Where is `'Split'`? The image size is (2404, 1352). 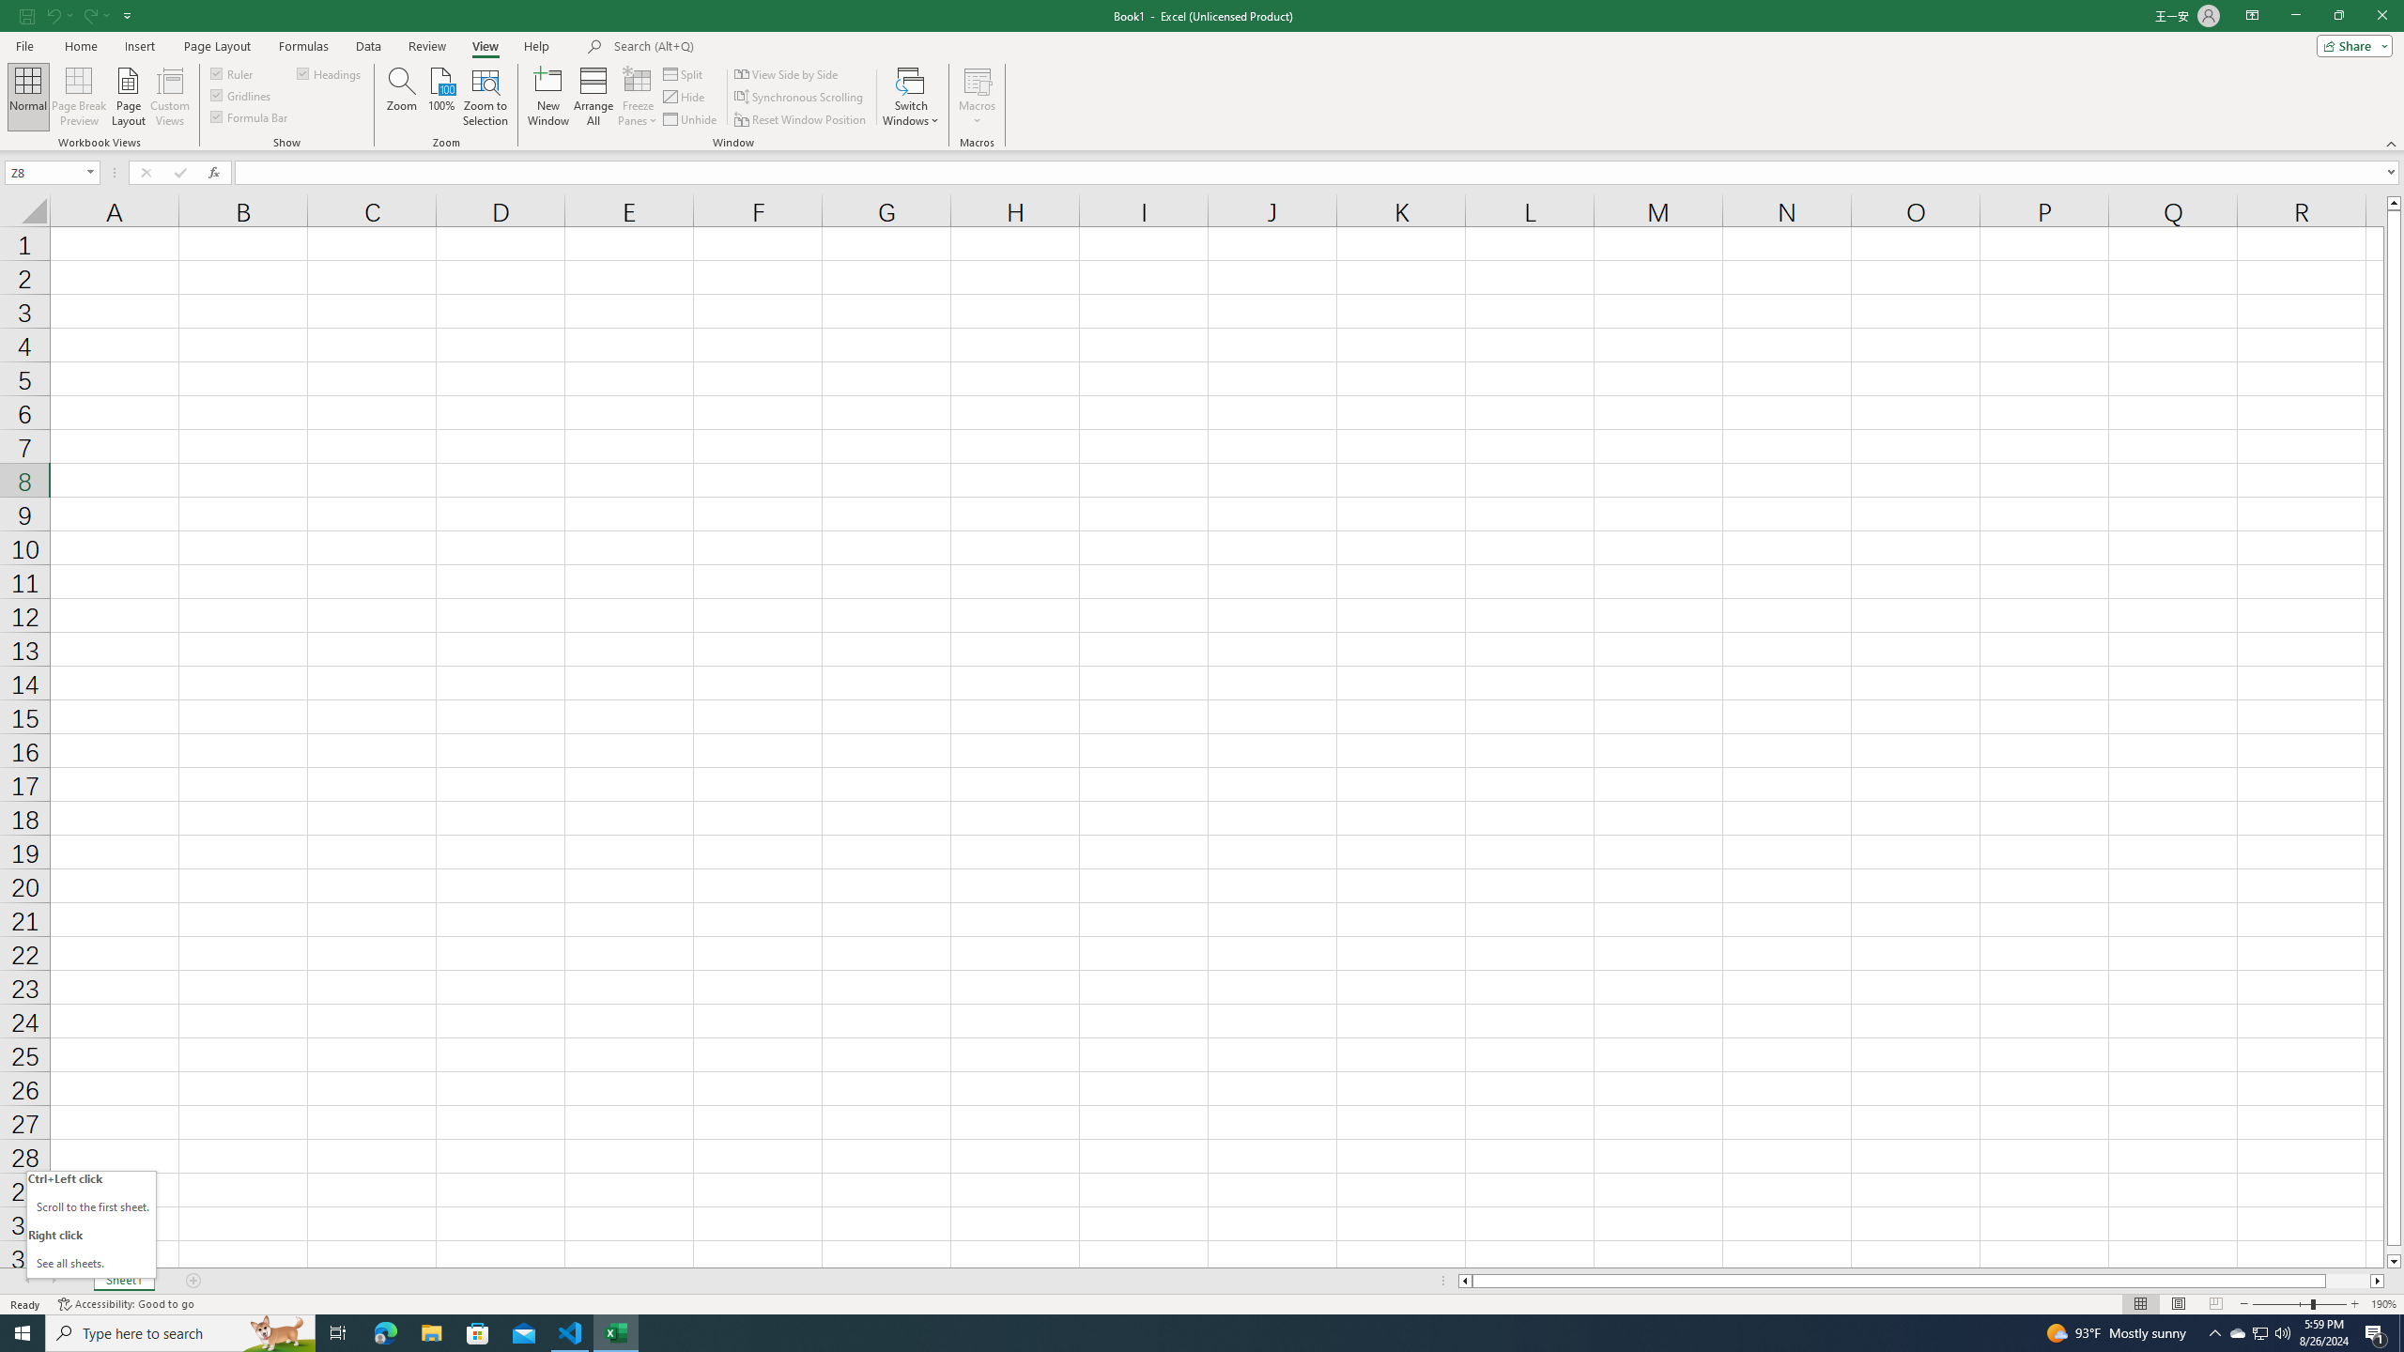 'Split' is located at coordinates (685, 73).